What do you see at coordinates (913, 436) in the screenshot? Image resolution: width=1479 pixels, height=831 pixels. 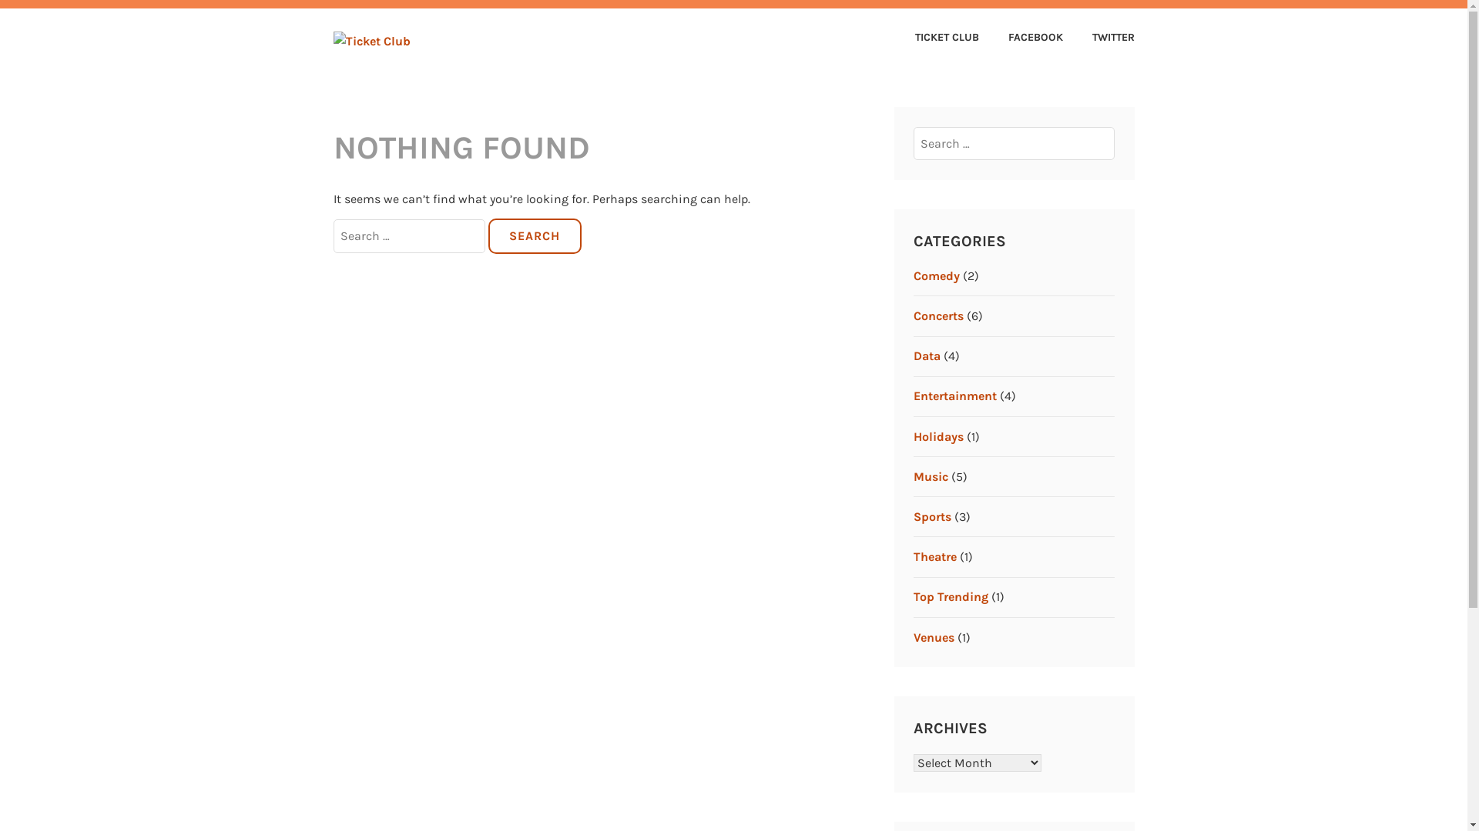 I see `'Holidays'` at bounding box center [913, 436].